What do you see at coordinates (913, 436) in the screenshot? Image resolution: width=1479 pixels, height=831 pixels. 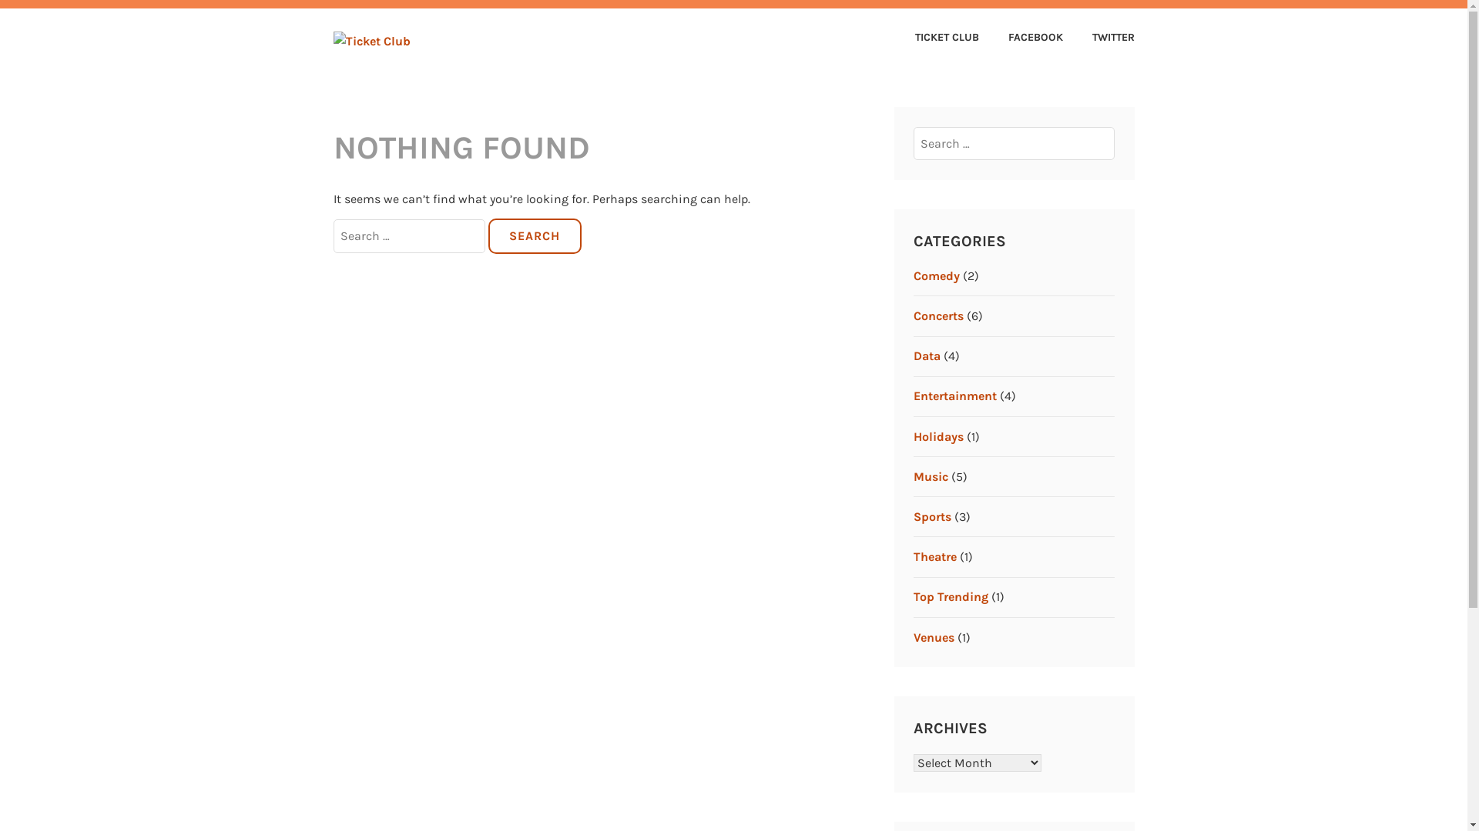 I see `'Holidays'` at bounding box center [913, 436].